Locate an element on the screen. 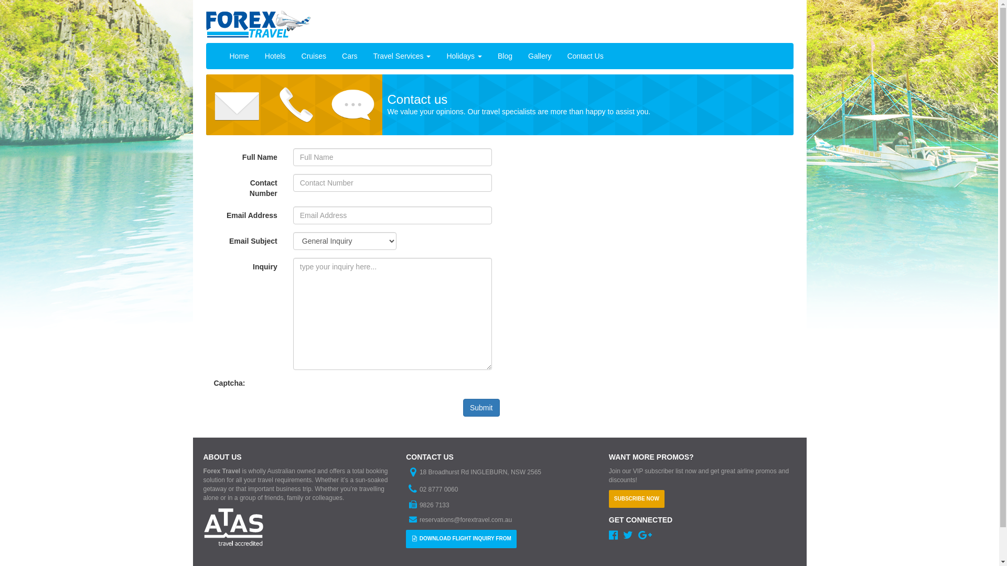 The width and height of the screenshot is (1007, 566). 'Blog' is located at coordinates (505, 56).